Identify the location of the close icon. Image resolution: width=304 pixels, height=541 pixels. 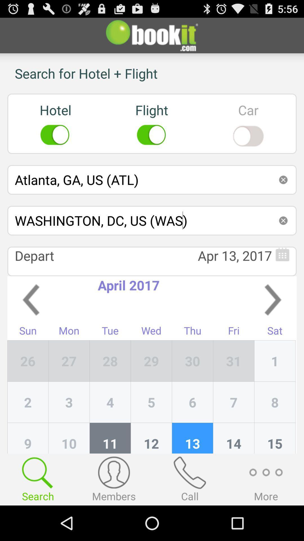
(283, 192).